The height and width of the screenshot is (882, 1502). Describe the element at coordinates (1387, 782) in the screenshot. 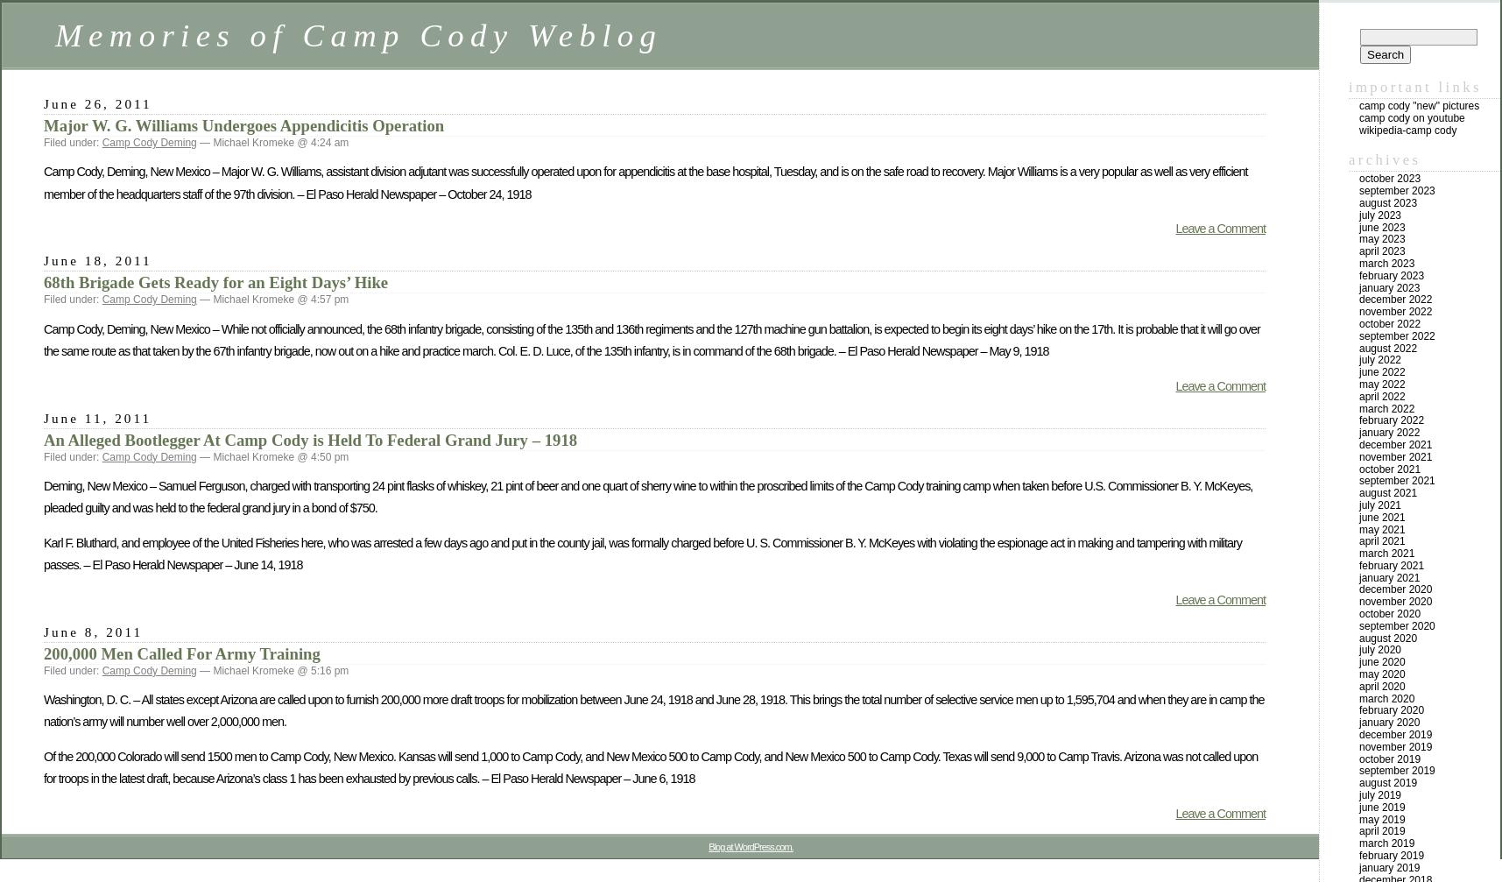

I see `'August 2019'` at that location.